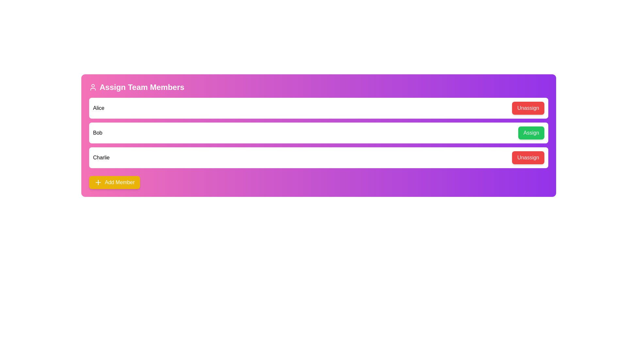  Describe the element at coordinates (531, 133) in the screenshot. I see `the button located to the right of the text 'Bob' in the second row of team members to assign the task` at that location.